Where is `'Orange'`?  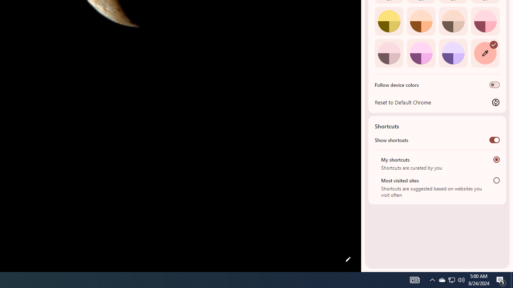 'Orange' is located at coordinates (420, 20).